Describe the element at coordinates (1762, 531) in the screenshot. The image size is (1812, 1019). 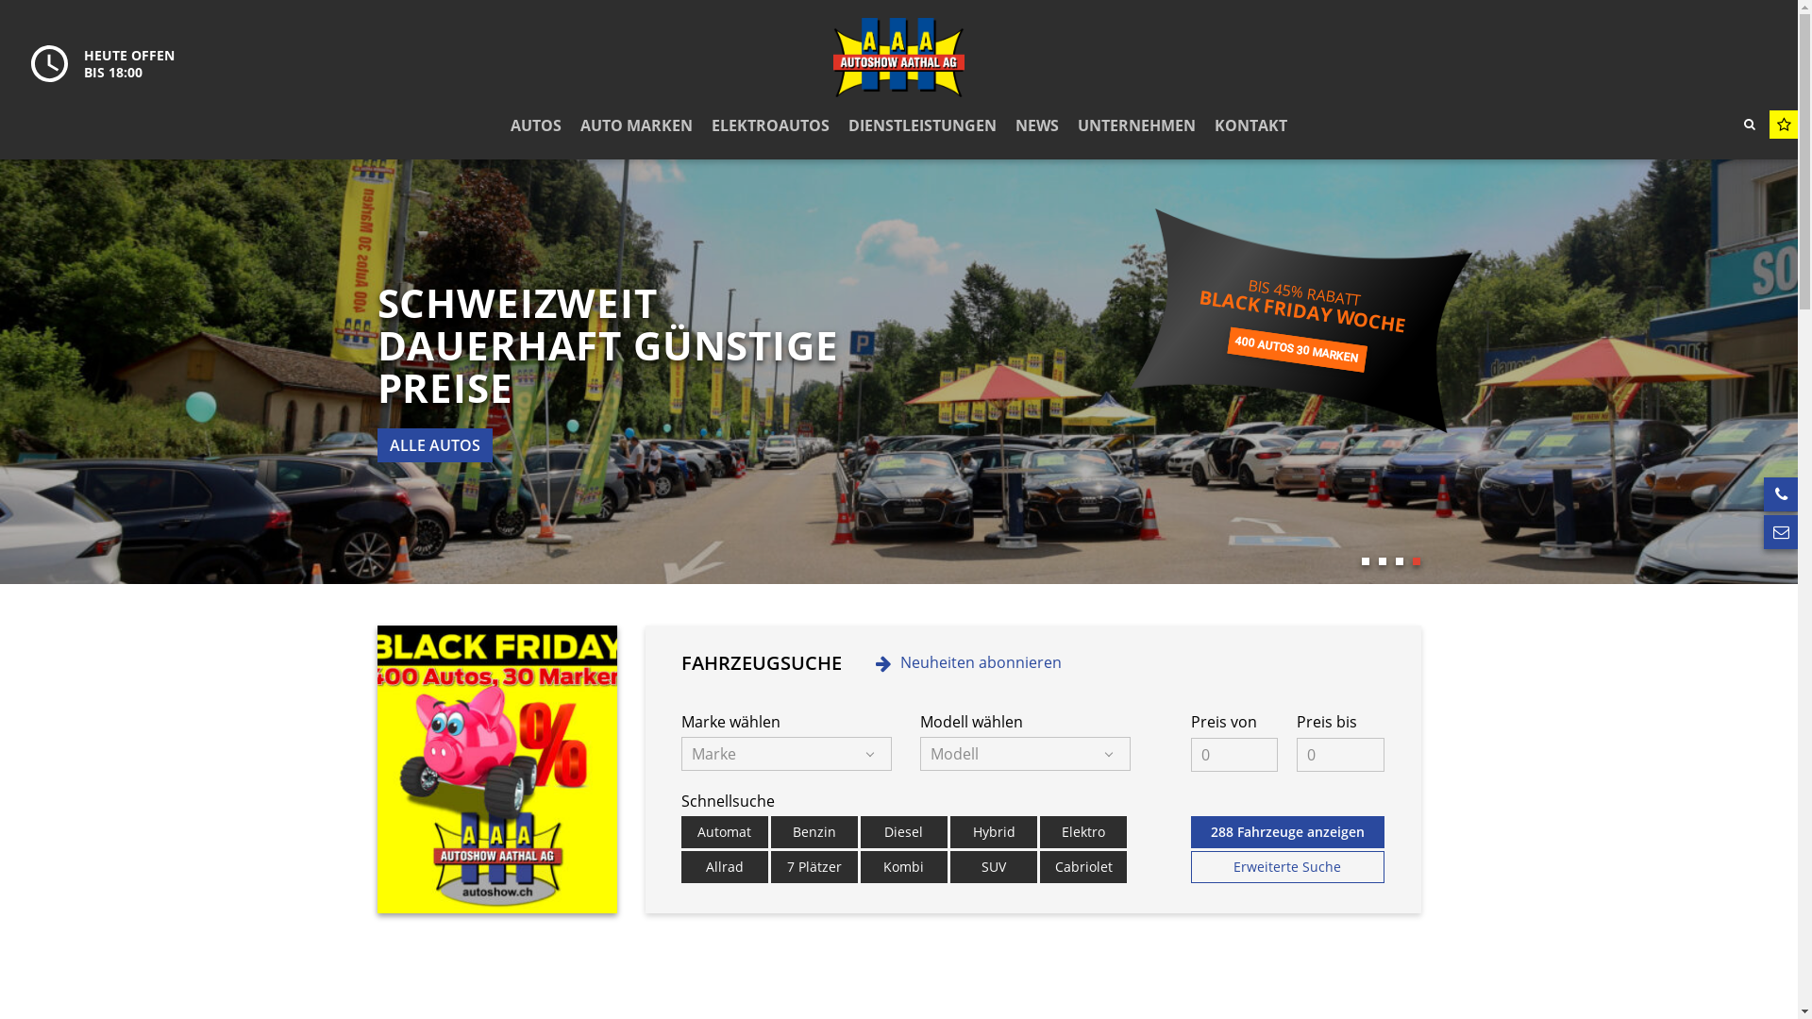
I see `'email'` at that location.